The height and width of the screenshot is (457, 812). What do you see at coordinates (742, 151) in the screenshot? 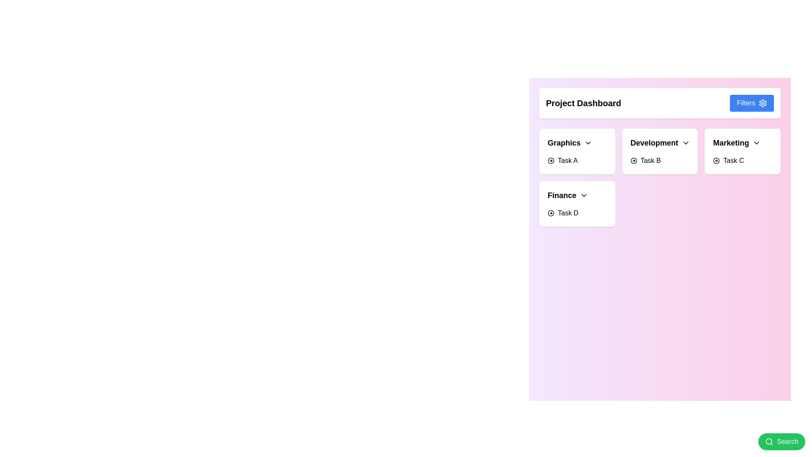
I see `the dropdown icon on the Marketing card, which is the third card in the grid layout` at bounding box center [742, 151].